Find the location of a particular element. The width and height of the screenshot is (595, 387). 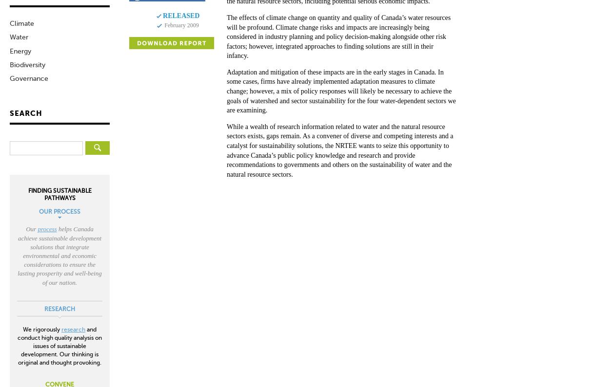

'RESEARCH' is located at coordinates (59, 309).